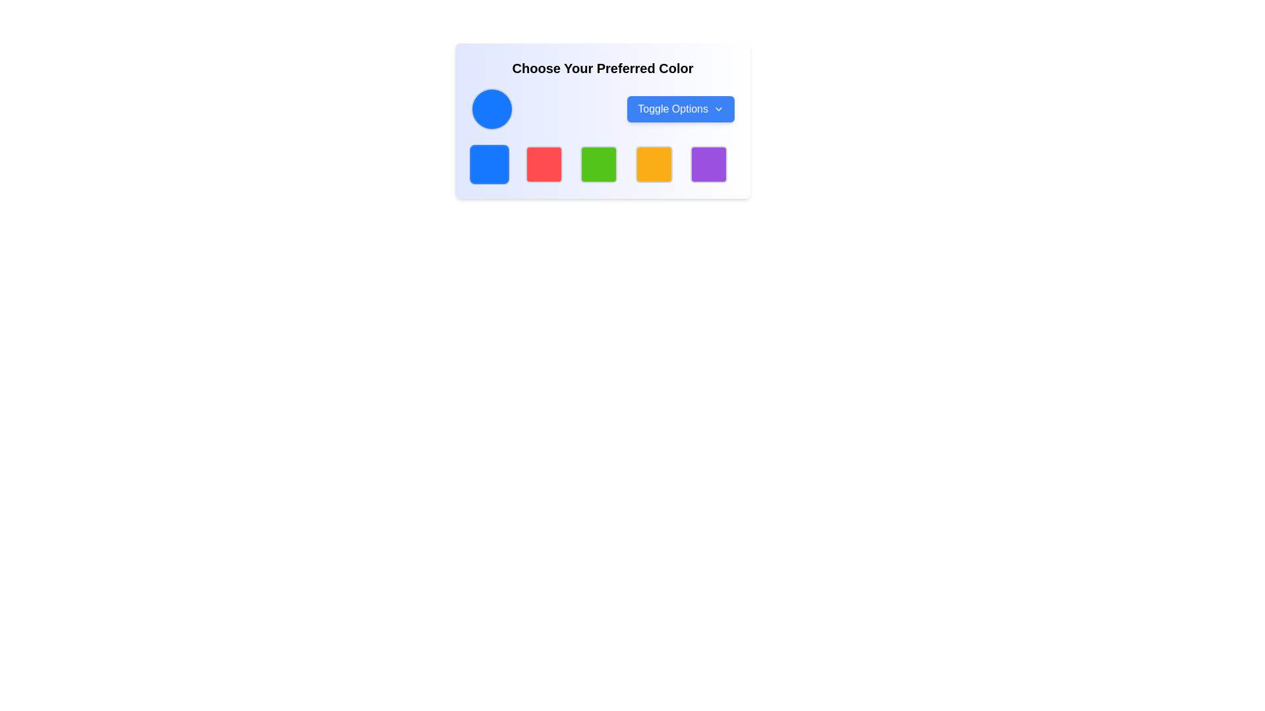 This screenshot has height=711, width=1265. Describe the element at coordinates (681, 108) in the screenshot. I see `the 'Toggle Options' button, which is a blue rectangular button with white text and a downwards-chevron icon, located in the 'Choose Your Preferred Color' section` at that location.